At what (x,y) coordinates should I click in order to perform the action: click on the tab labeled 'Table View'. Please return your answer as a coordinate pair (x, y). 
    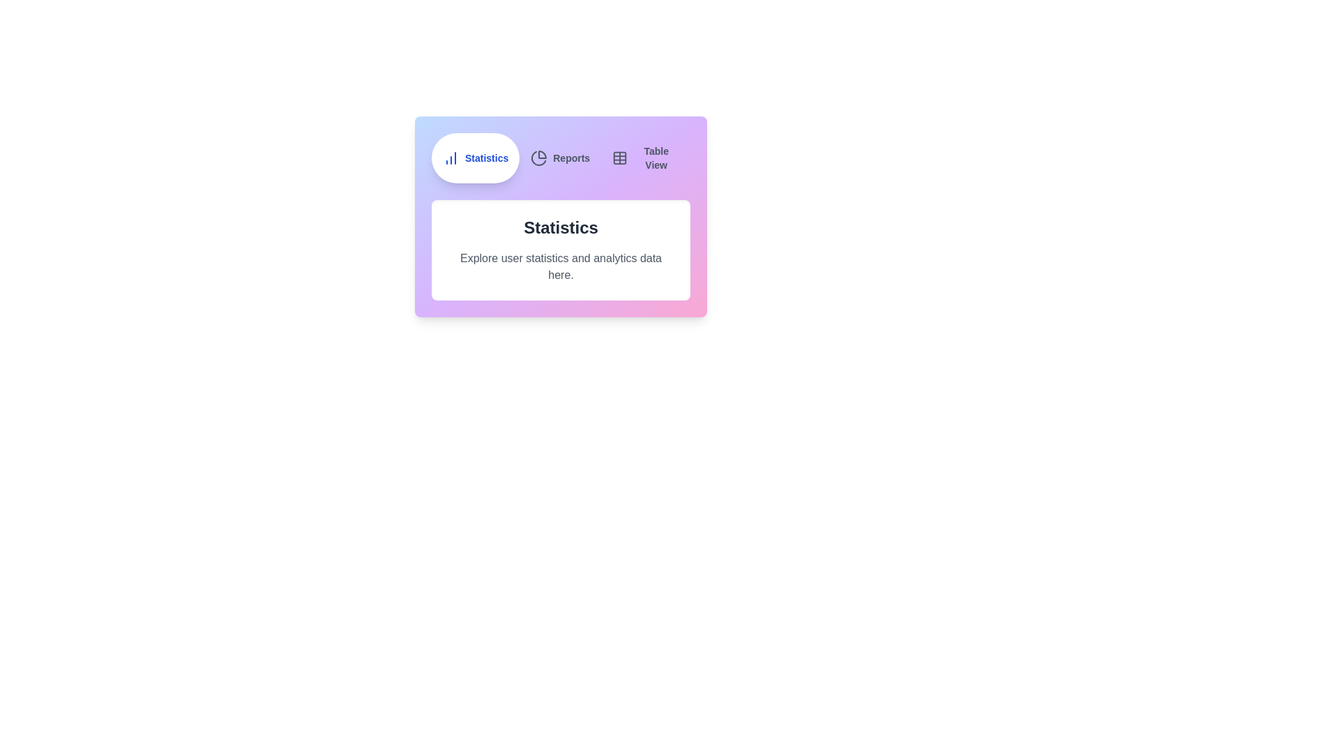
    Looking at the image, I should click on (645, 158).